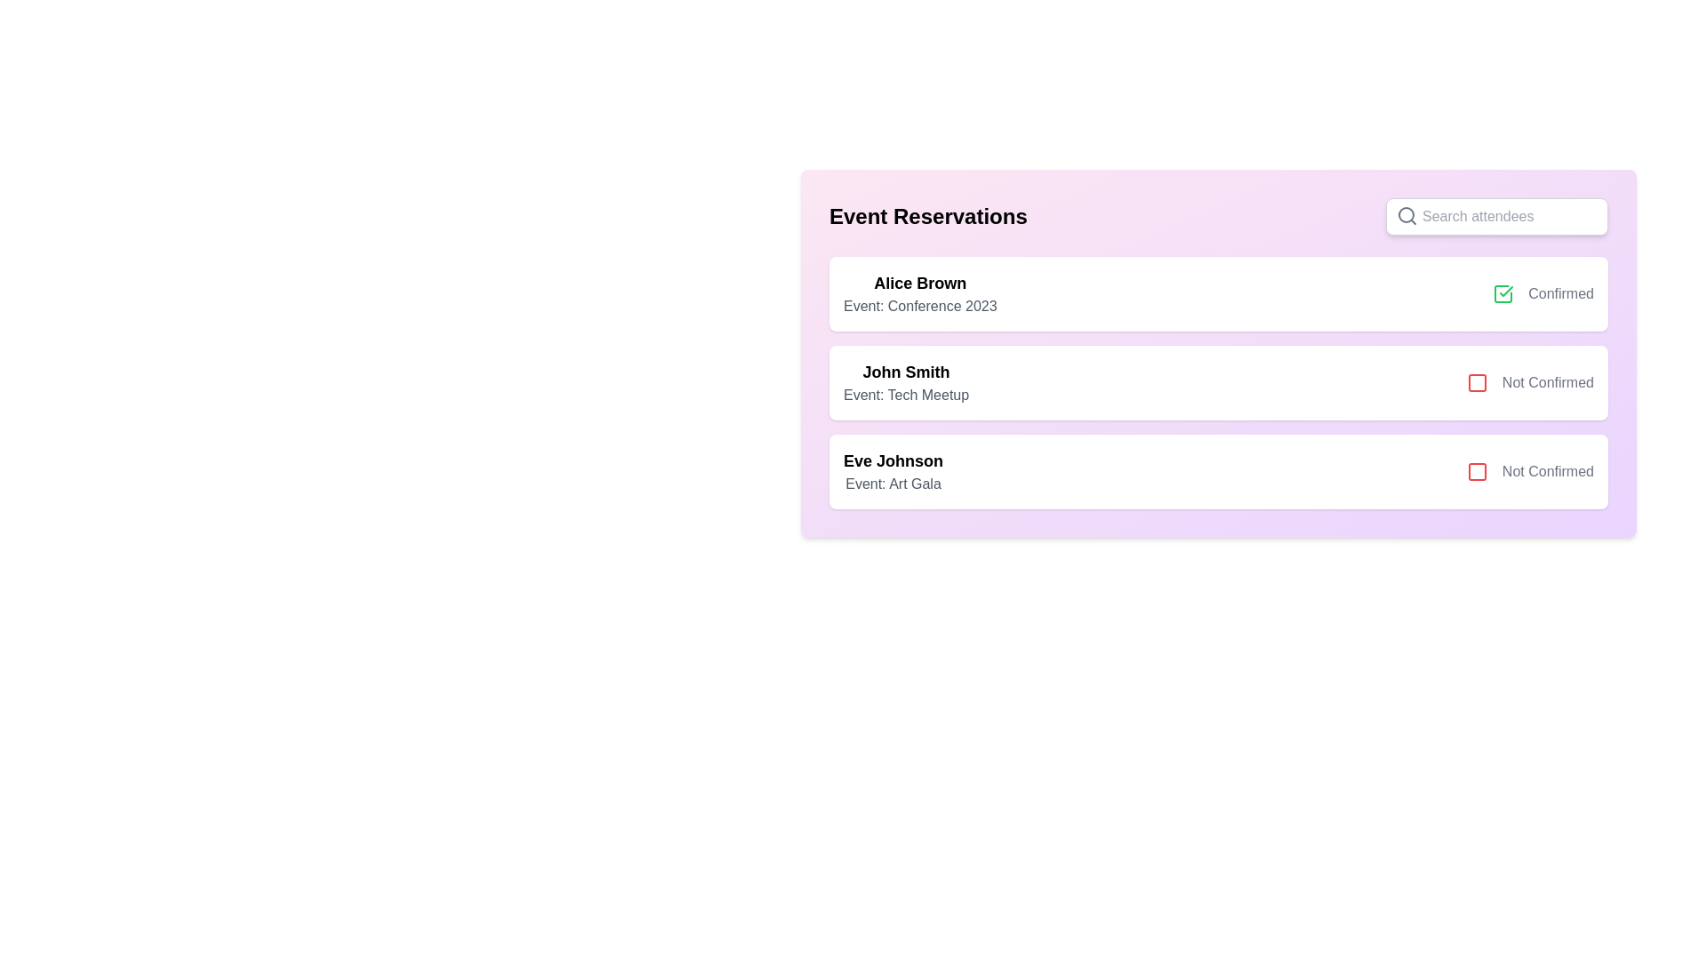 This screenshot has height=960, width=1707. I want to click on the Text display component that shows 'John Smith' and 'Event: Tech Meetup', located in the second card of the 'Event Reservations' section, so click(906, 382).